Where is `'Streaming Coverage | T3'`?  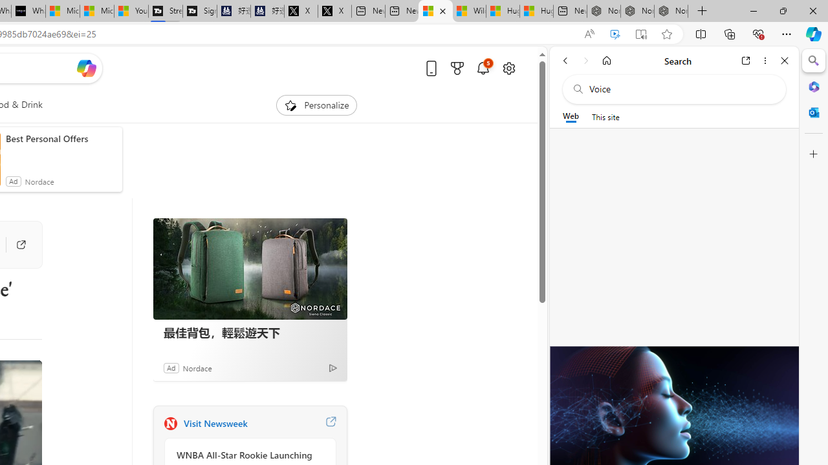 'Streaming Coverage | T3' is located at coordinates (165, 11).